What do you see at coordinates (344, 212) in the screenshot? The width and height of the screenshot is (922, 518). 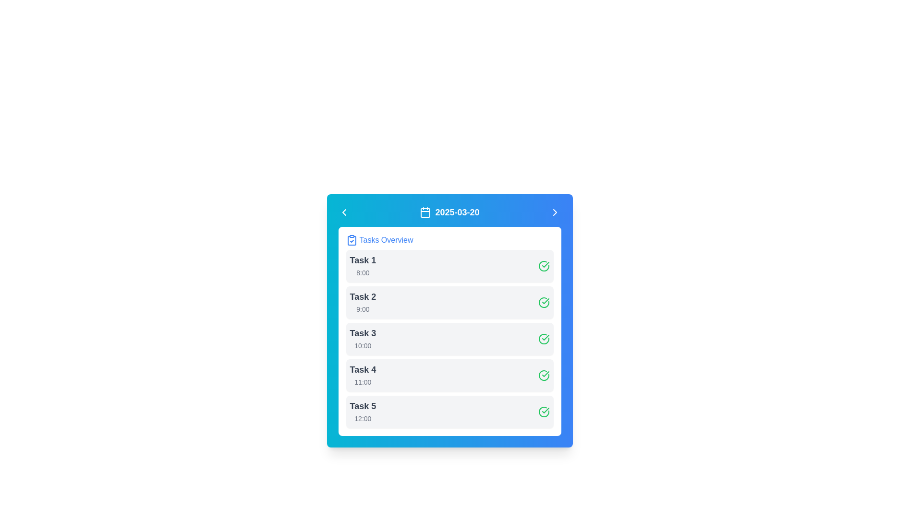 I see `the back navigation icon button located in the top-left corner of the header bar` at bounding box center [344, 212].